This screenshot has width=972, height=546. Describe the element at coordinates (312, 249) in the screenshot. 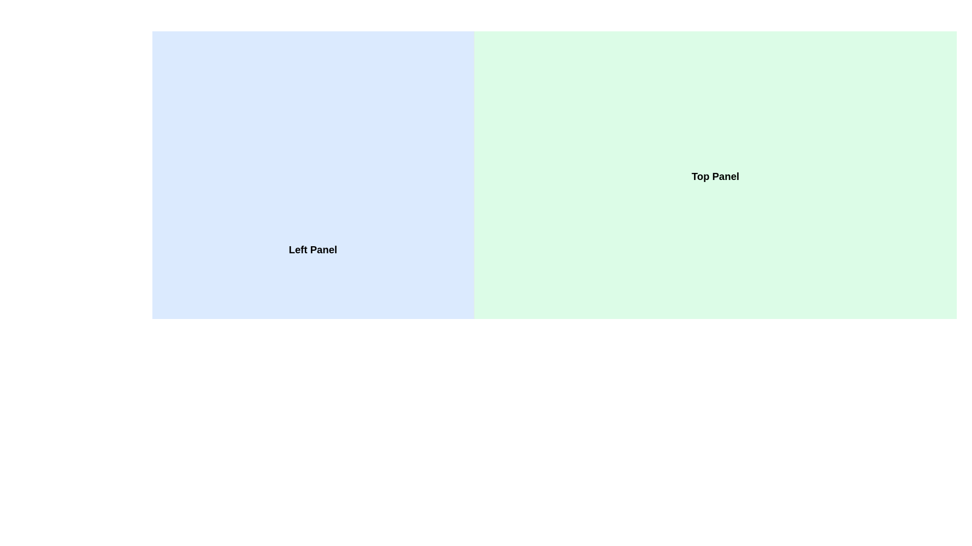

I see `the static text label indicating 'Left Panel', which is centrally aligned within the light blue left section of the interface` at that location.